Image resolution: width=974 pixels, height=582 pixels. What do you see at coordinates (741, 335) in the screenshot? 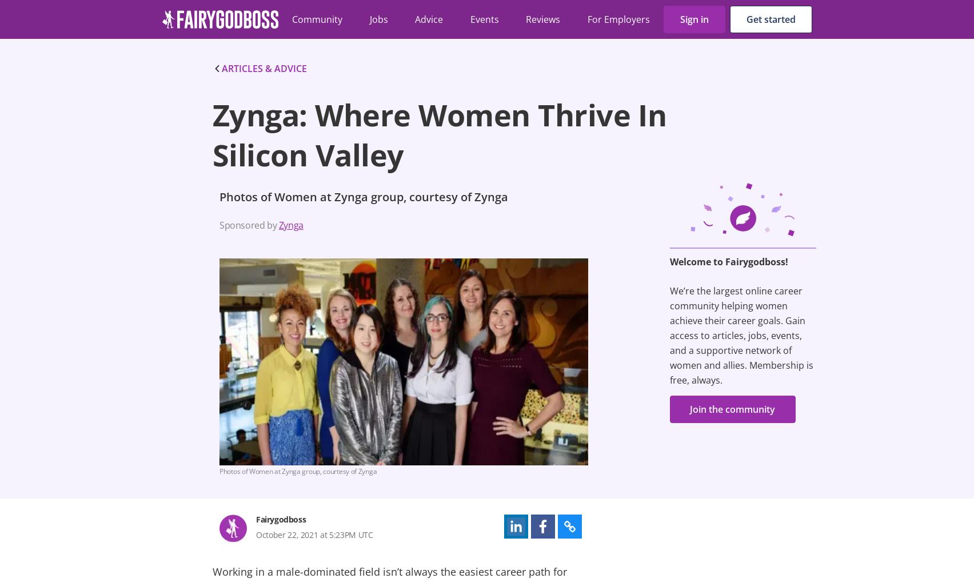
I see `'We’re the largest online career community helping women achieve their career goals. Gain access to articles, jobs, events, and a supportive network of women and allies. Membership is free, always.'` at bounding box center [741, 335].